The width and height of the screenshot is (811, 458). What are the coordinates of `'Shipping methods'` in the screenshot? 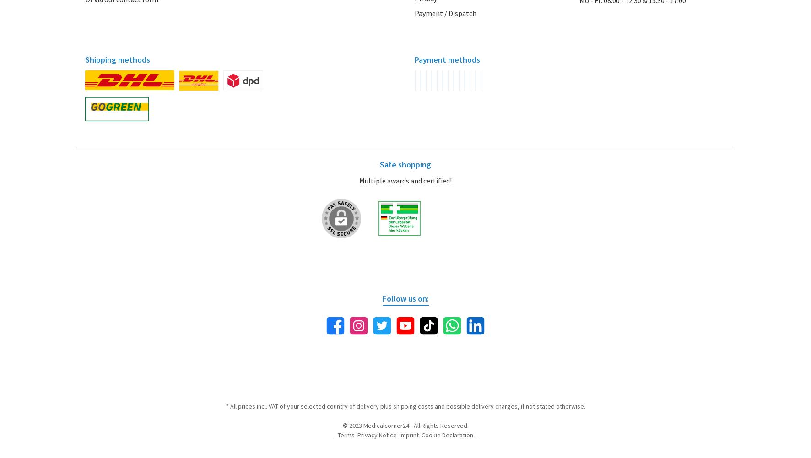 It's located at (117, 59).